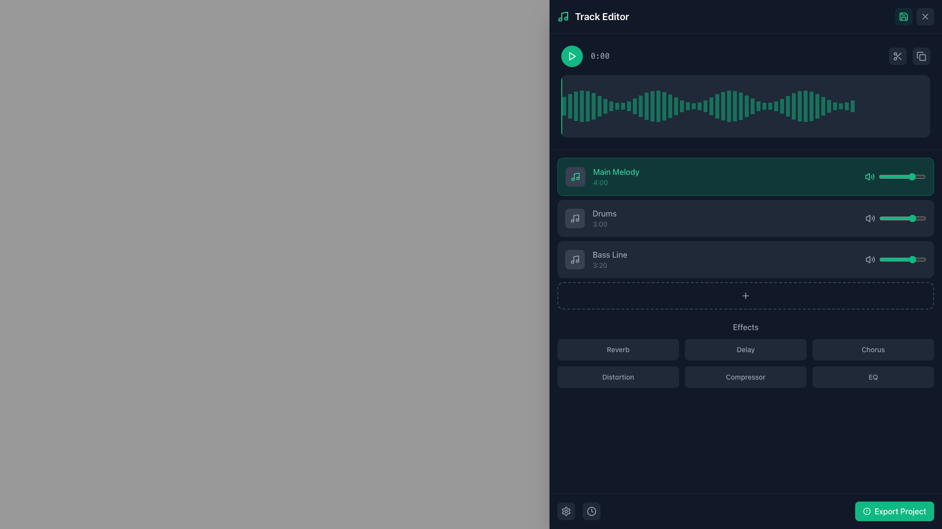  What do you see at coordinates (729, 106) in the screenshot?
I see `the graphical bar at the 31st position of the audio waveform in the 'Track Editor' section to interact with adjacent parts of the graph` at bounding box center [729, 106].